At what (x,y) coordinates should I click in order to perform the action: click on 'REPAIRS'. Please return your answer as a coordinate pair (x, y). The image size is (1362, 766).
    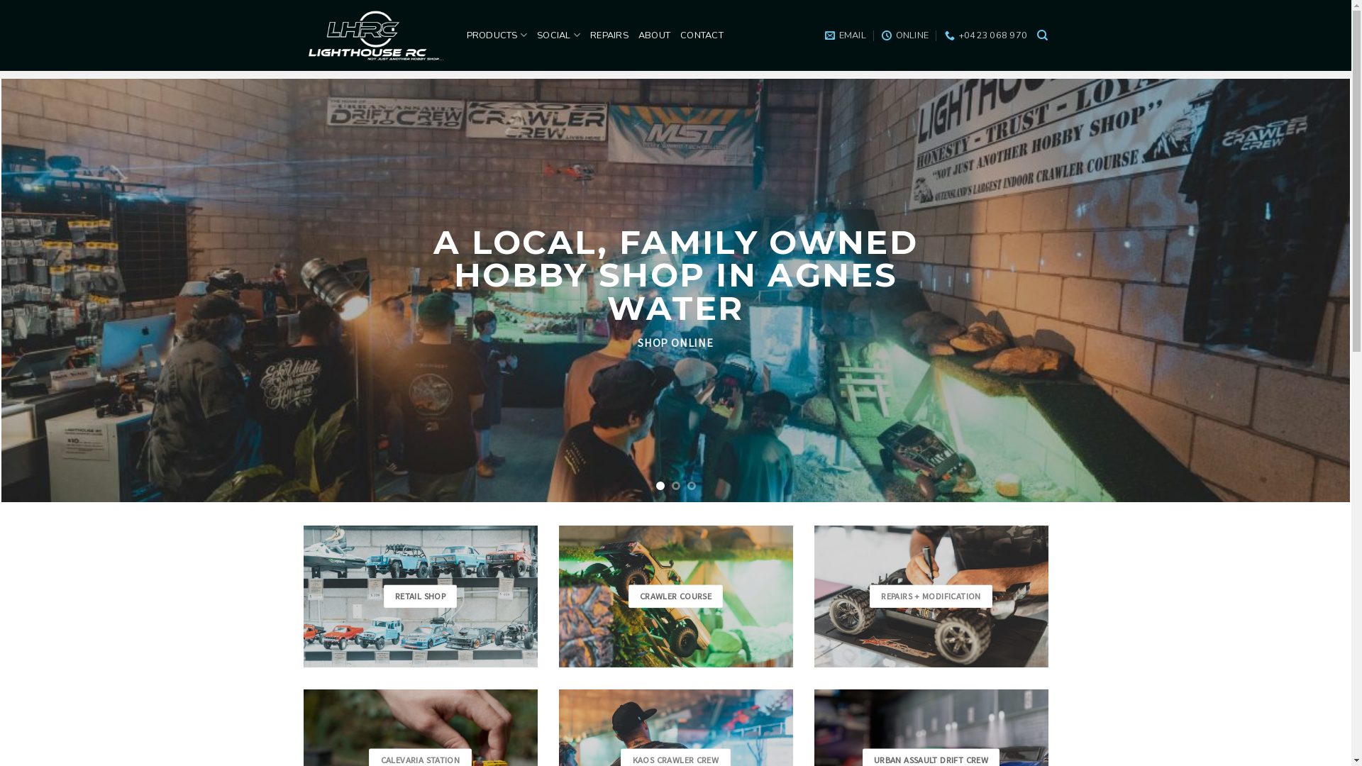
    Looking at the image, I should click on (609, 35).